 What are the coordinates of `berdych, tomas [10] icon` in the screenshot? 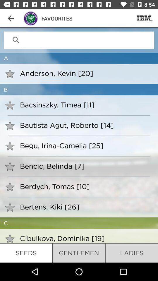 It's located at (85, 186).